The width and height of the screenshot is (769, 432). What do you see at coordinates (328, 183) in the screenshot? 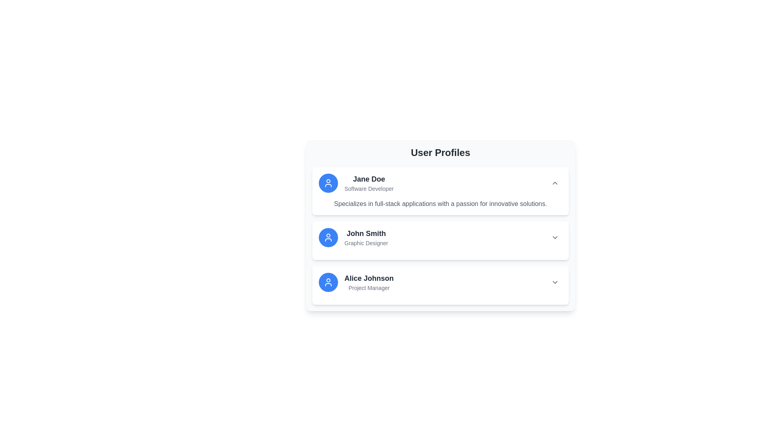
I see `the user profile icon for 'Jane Doe' located to the left of her name and job title in the User Profiles section` at bounding box center [328, 183].